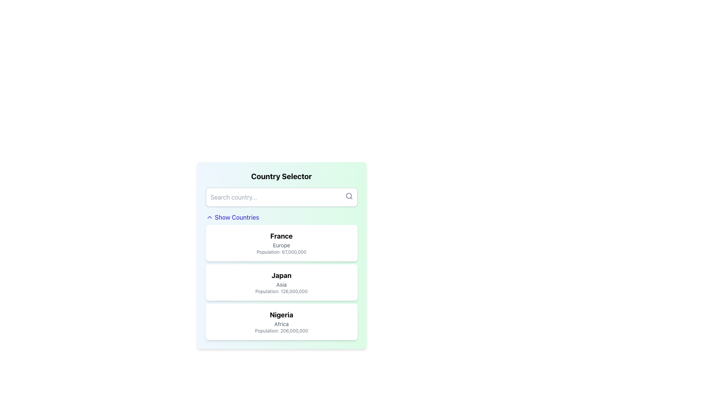  I want to click on the toggle button for displaying or hiding the list of countries, located below the search input box in the Country Selector component, so click(232, 217).